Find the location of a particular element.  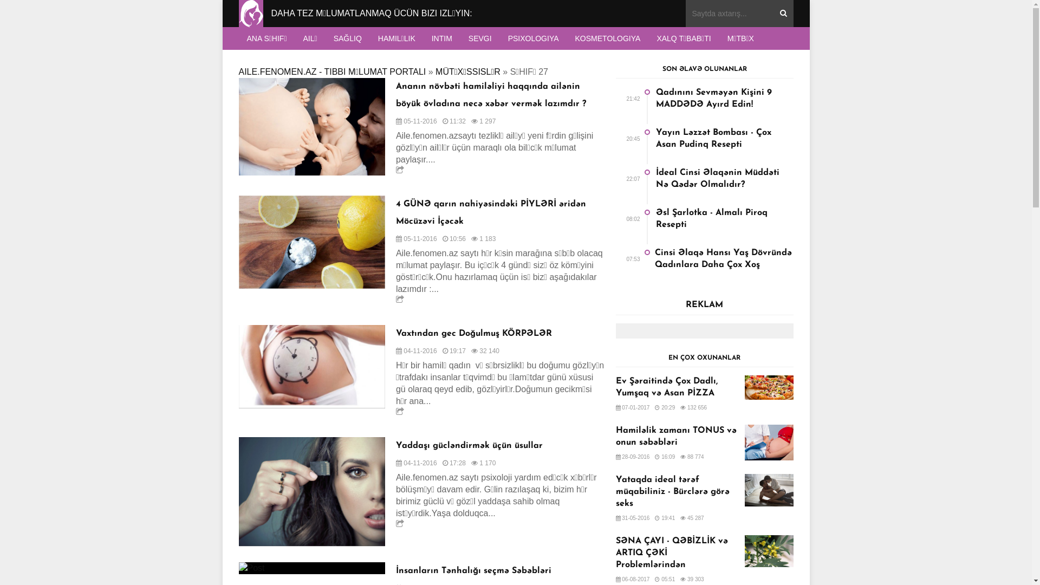

'SEVGI' is located at coordinates (479, 37).